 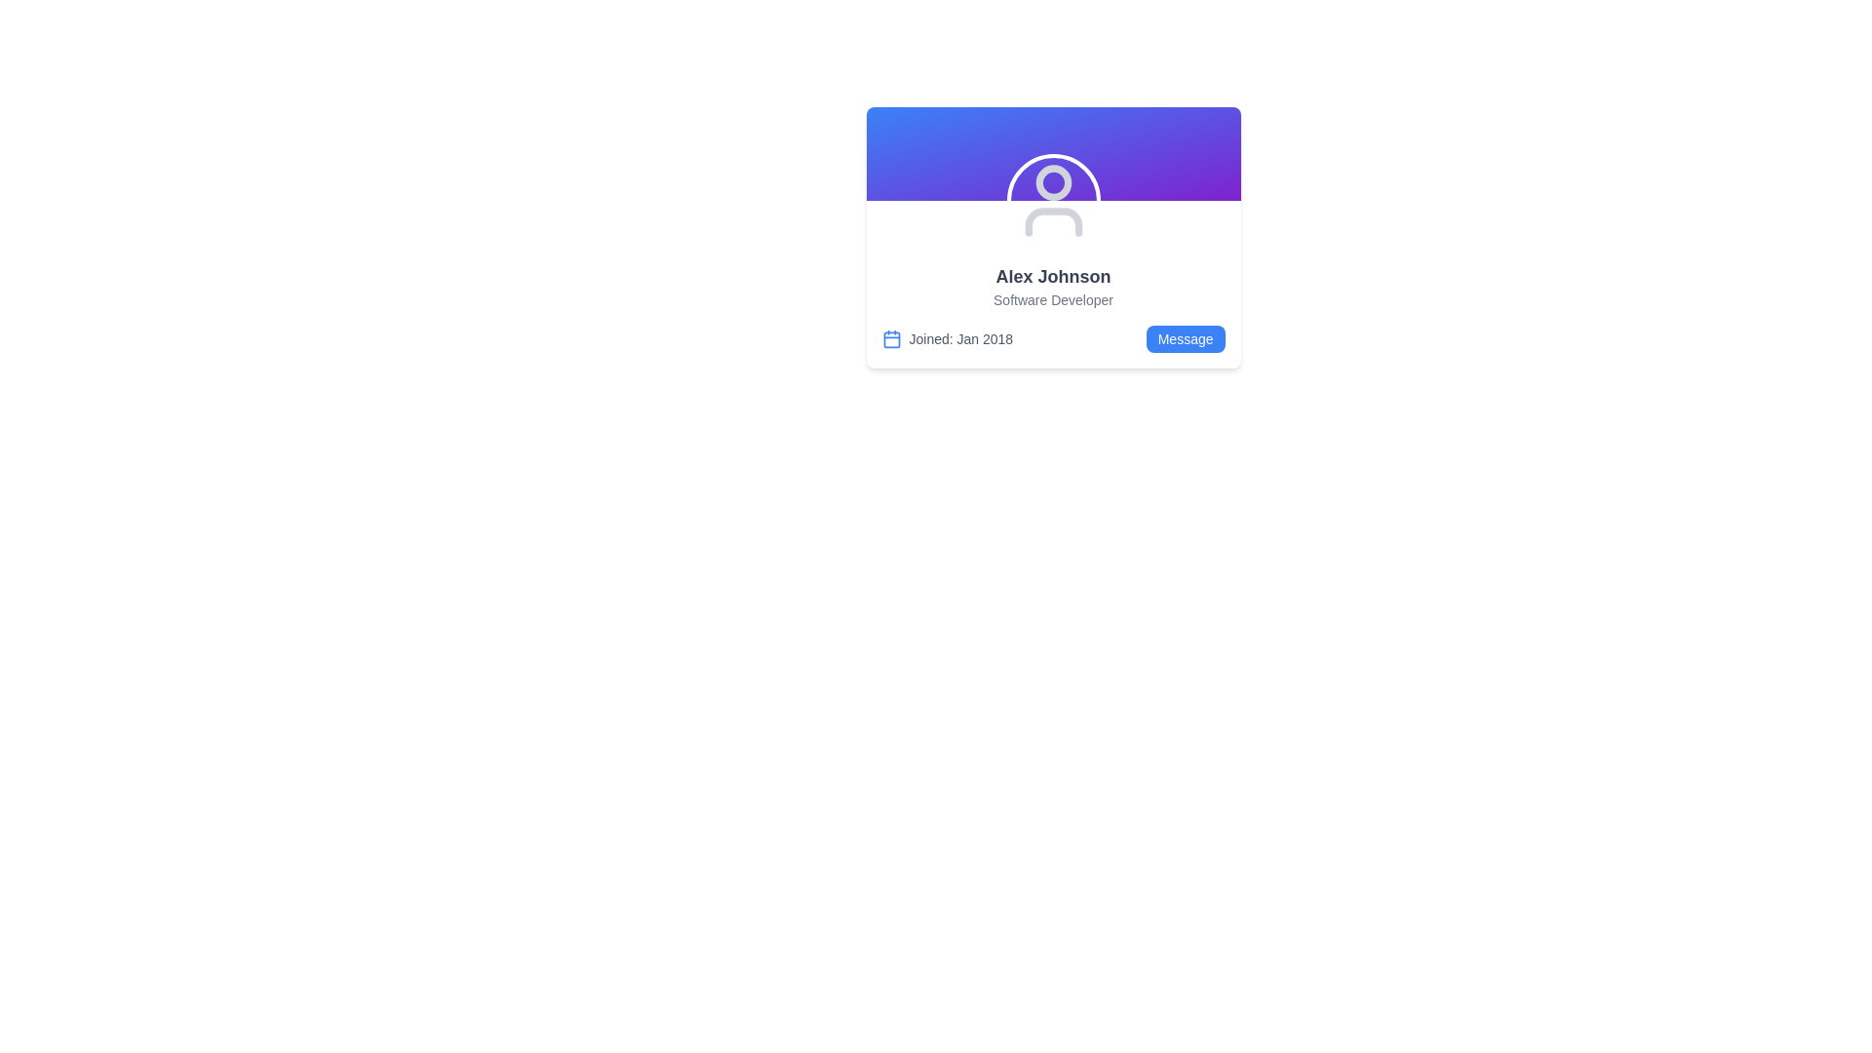 What do you see at coordinates (1052, 286) in the screenshot?
I see `text displayed in the user information area, which includes the user's name and job title, located centrally below the user icon and above the joining date tooltip and 'Message' button` at bounding box center [1052, 286].